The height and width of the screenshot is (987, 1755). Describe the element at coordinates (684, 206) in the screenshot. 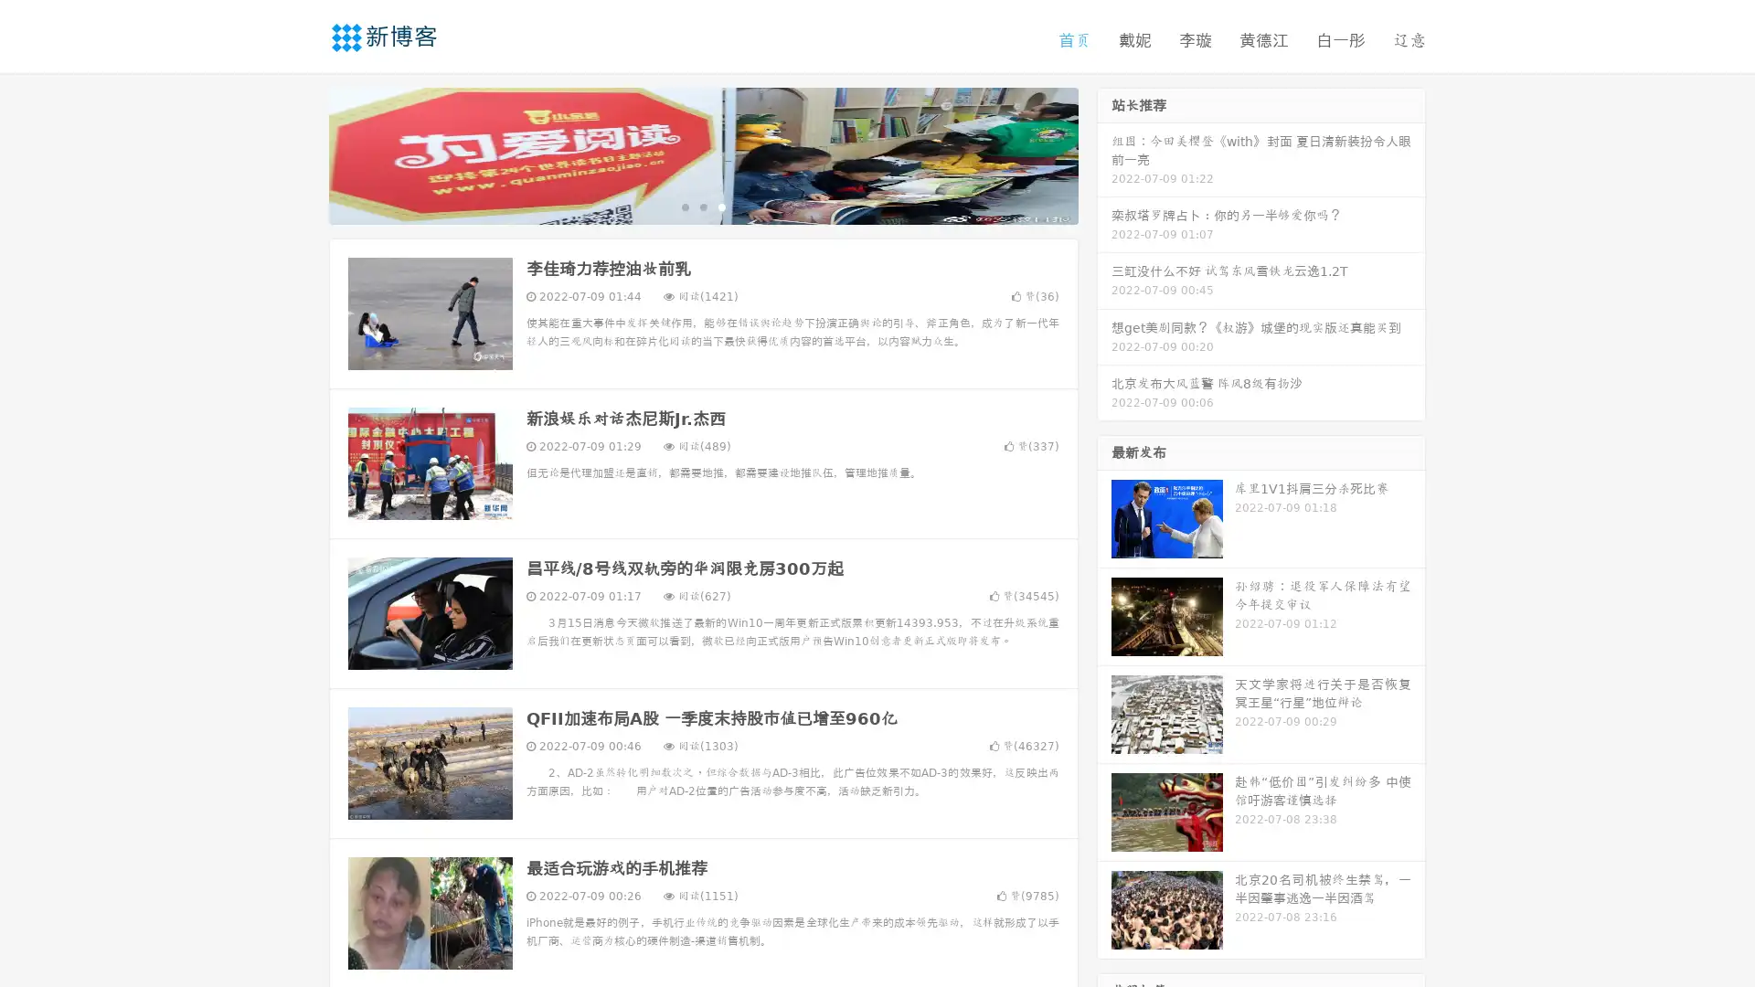

I see `Go to slide 1` at that location.